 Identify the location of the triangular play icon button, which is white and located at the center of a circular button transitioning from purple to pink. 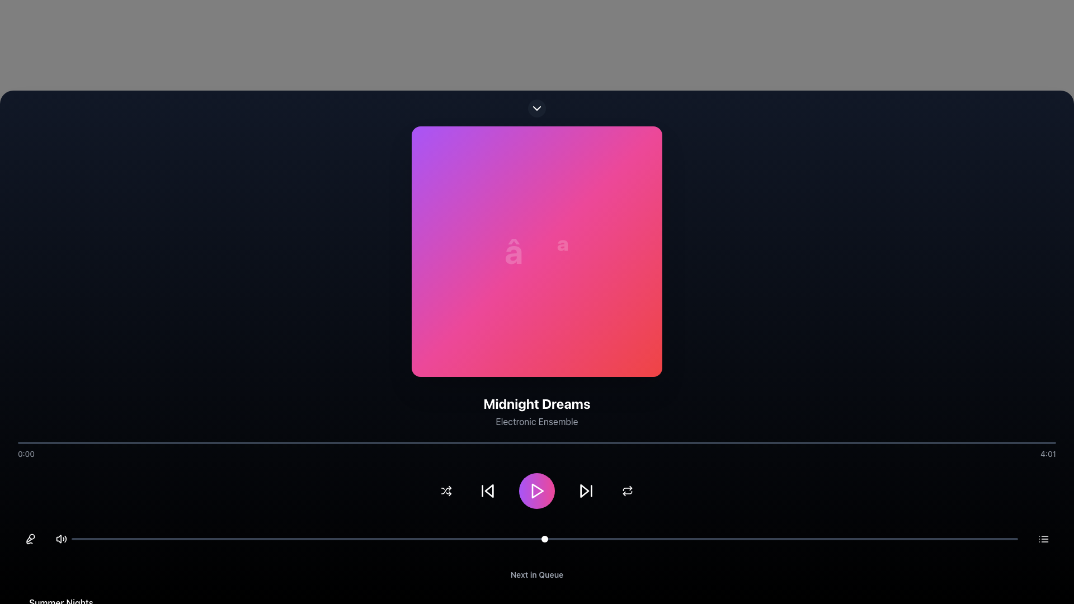
(537, 490).